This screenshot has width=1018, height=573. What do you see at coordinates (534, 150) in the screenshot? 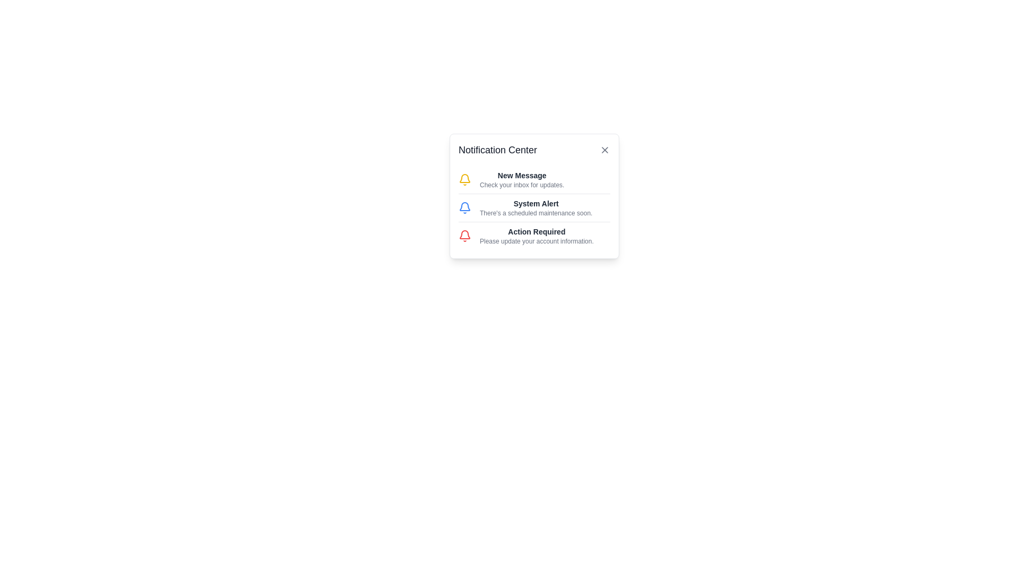
I see `the 'Notification Center' header` at bounding box center [534, 150].